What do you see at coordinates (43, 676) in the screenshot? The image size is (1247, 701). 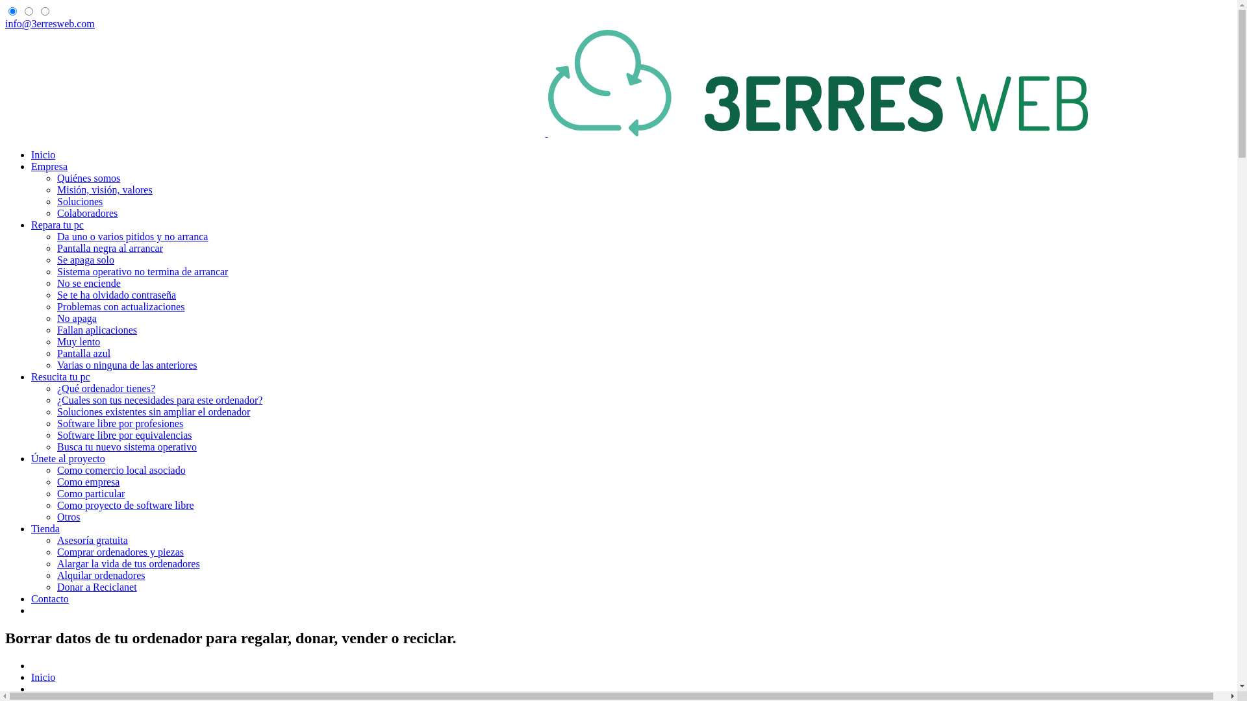 I see `'Inicio'` at bounding box center [43, 676].